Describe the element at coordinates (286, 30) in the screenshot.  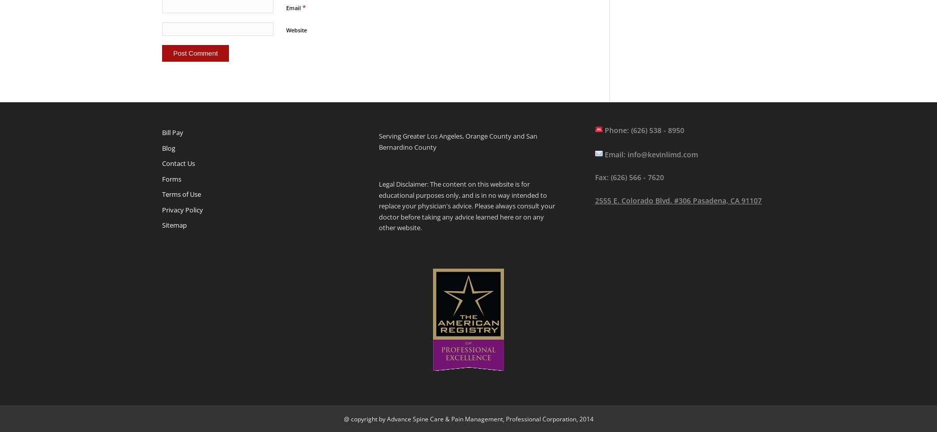
I see `'Website'` at that location.